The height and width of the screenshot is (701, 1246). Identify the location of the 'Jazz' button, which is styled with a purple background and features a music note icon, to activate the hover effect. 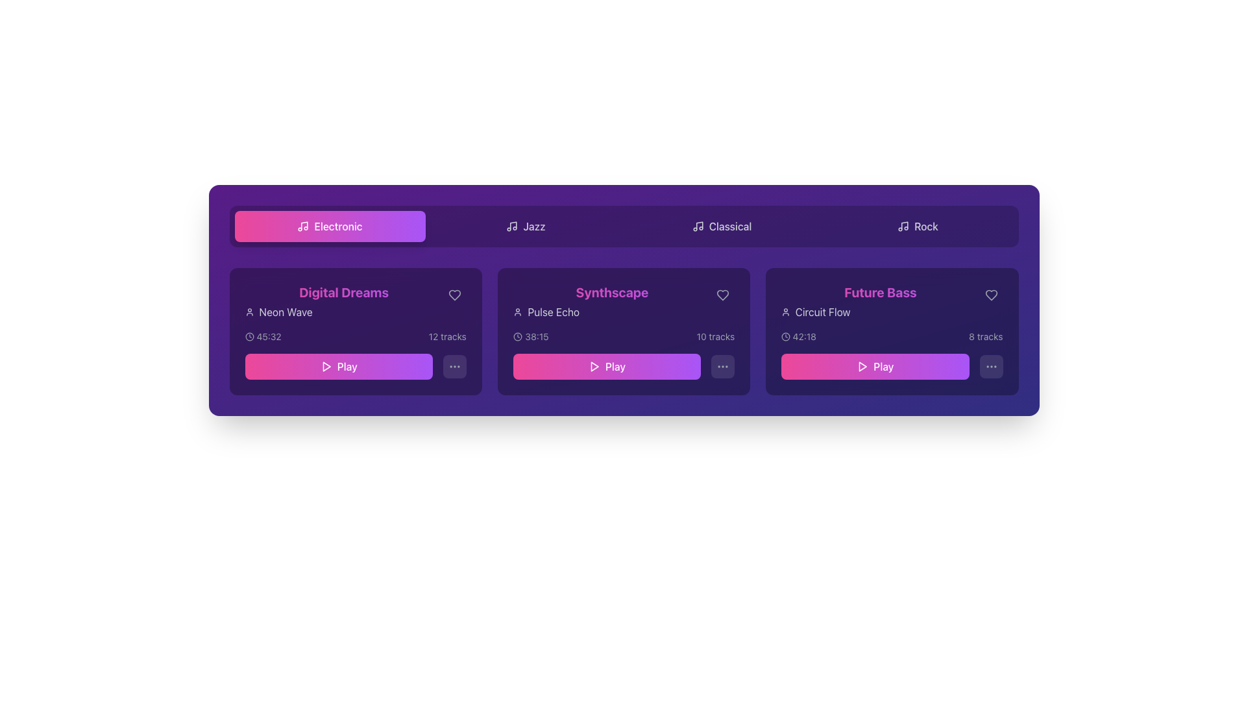
(526, 225).